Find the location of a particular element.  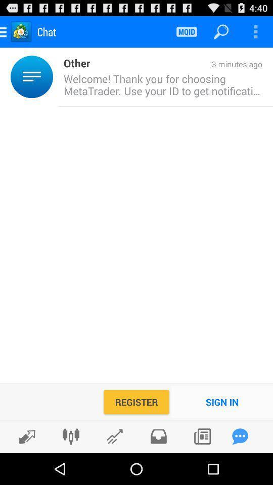

files is located at coordinates (158, 436).